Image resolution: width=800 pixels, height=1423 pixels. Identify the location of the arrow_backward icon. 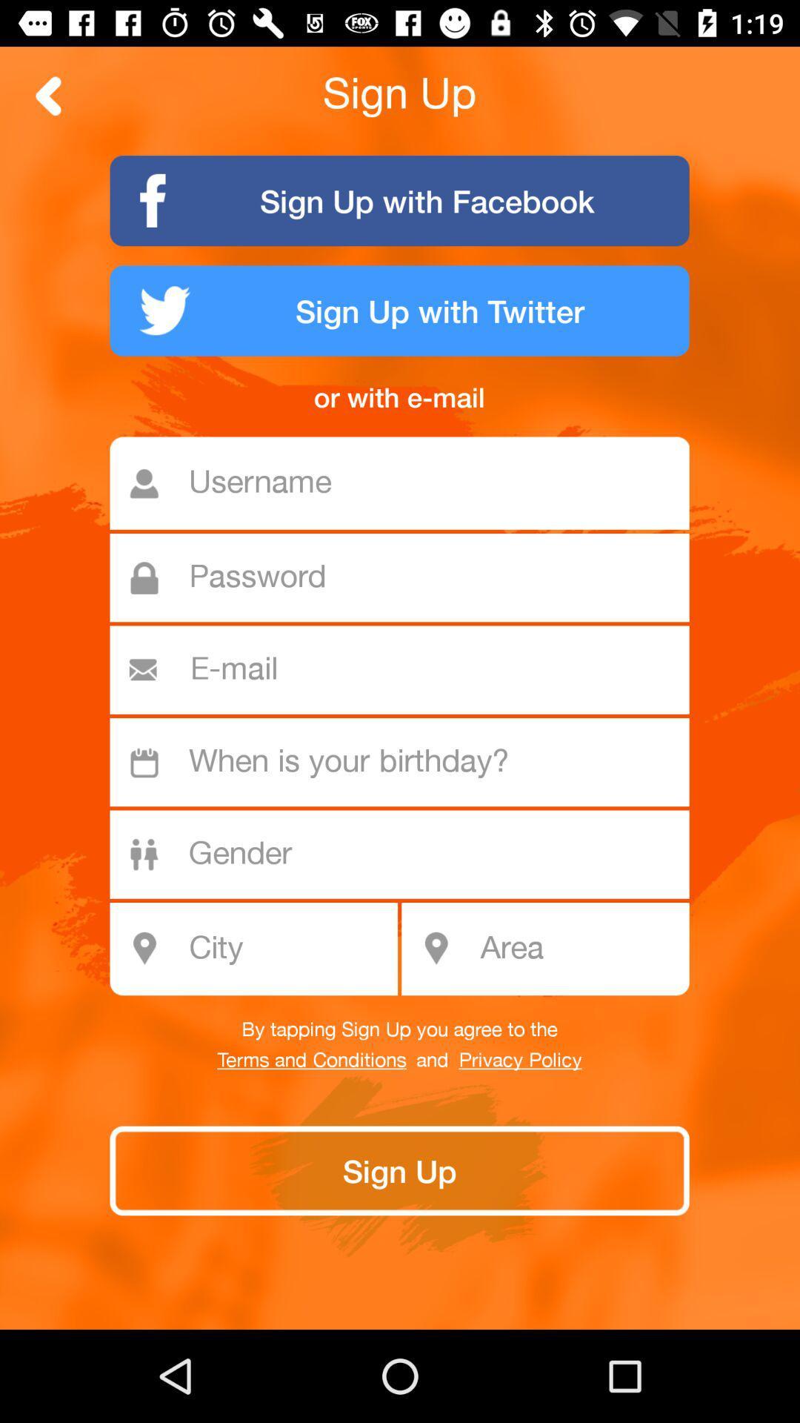
(48, 95).